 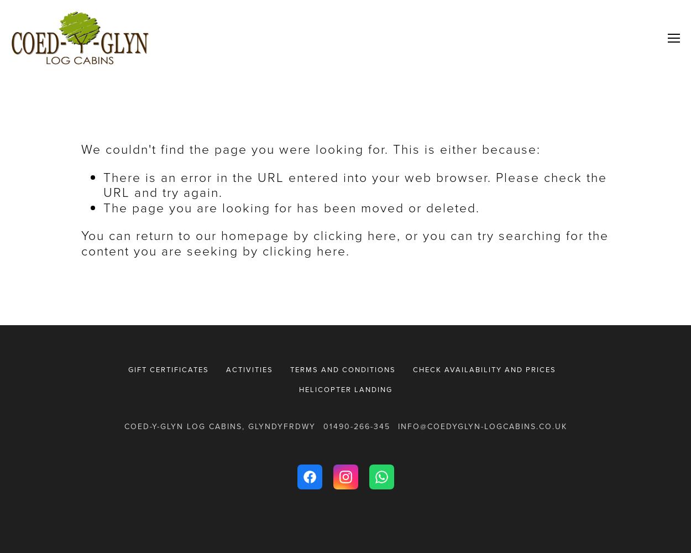 I want to click on 'Helicopter Landing', so click(x=344, y=389).